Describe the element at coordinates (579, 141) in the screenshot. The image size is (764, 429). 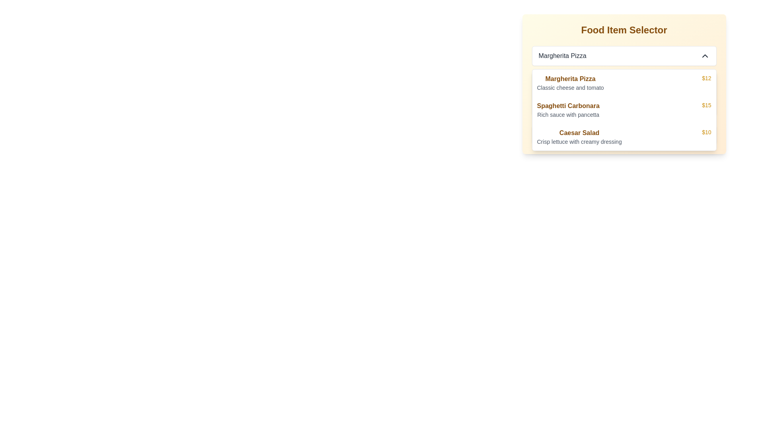
I see `the text label displaying 'Crisp lettuce with creamy dressing', which is located beneath the 'Caesar Salad' title in the 'Food Item Selector' menu panel` at that location.